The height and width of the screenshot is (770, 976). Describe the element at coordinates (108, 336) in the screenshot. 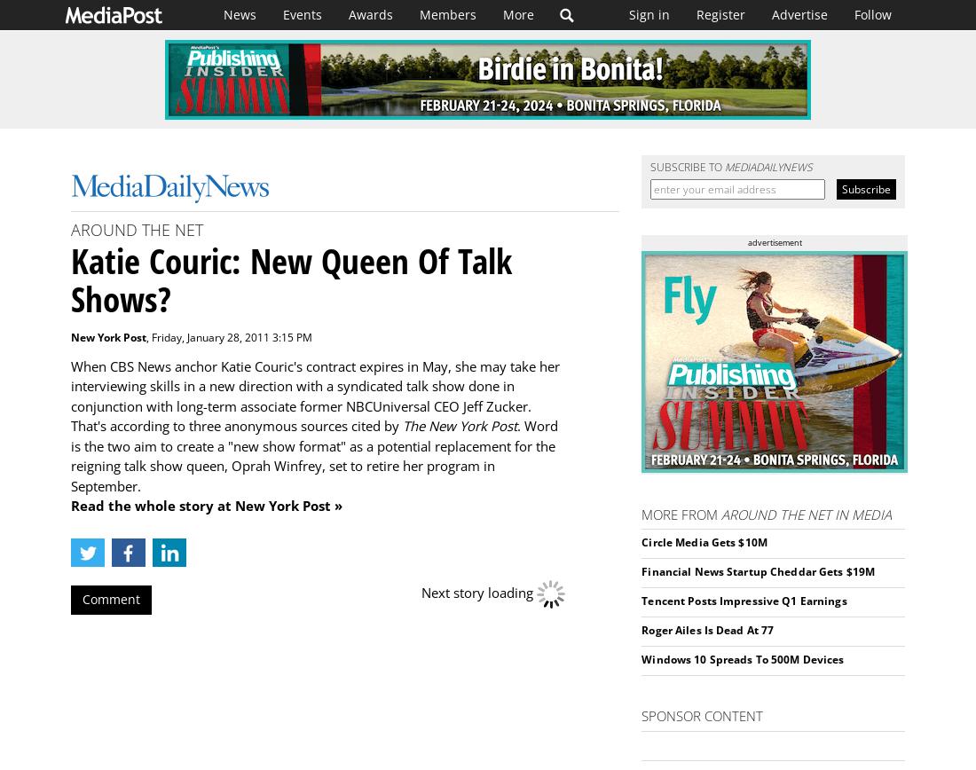

I see `'New York Post'` at that location.